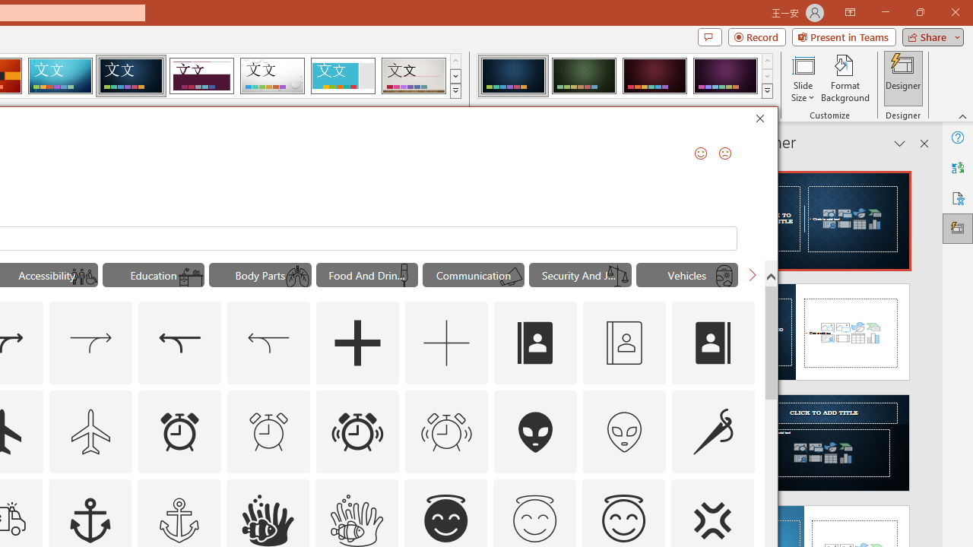  I want to click on '"Food And Drinks" Icons.', so click(367, 275).